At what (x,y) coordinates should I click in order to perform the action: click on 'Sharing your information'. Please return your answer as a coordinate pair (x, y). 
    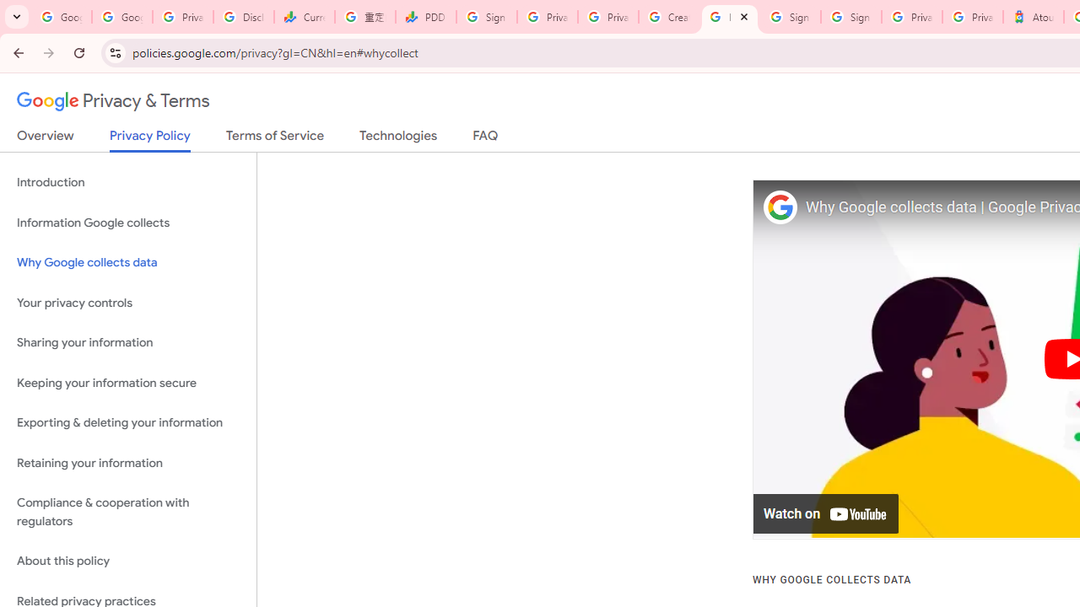
    Looking at the image, I should click on (127, 342).